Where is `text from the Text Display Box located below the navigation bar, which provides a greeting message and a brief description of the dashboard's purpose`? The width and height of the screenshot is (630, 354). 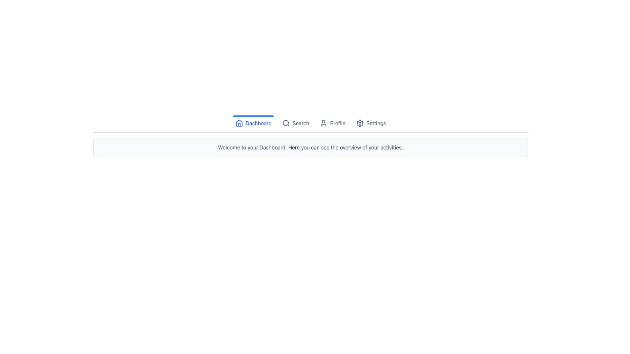 text from the Text Display Box located below the navigation bar, which provides a greeting message and a brief description of the dashboard's purpose is located at coordinates (310, 147).